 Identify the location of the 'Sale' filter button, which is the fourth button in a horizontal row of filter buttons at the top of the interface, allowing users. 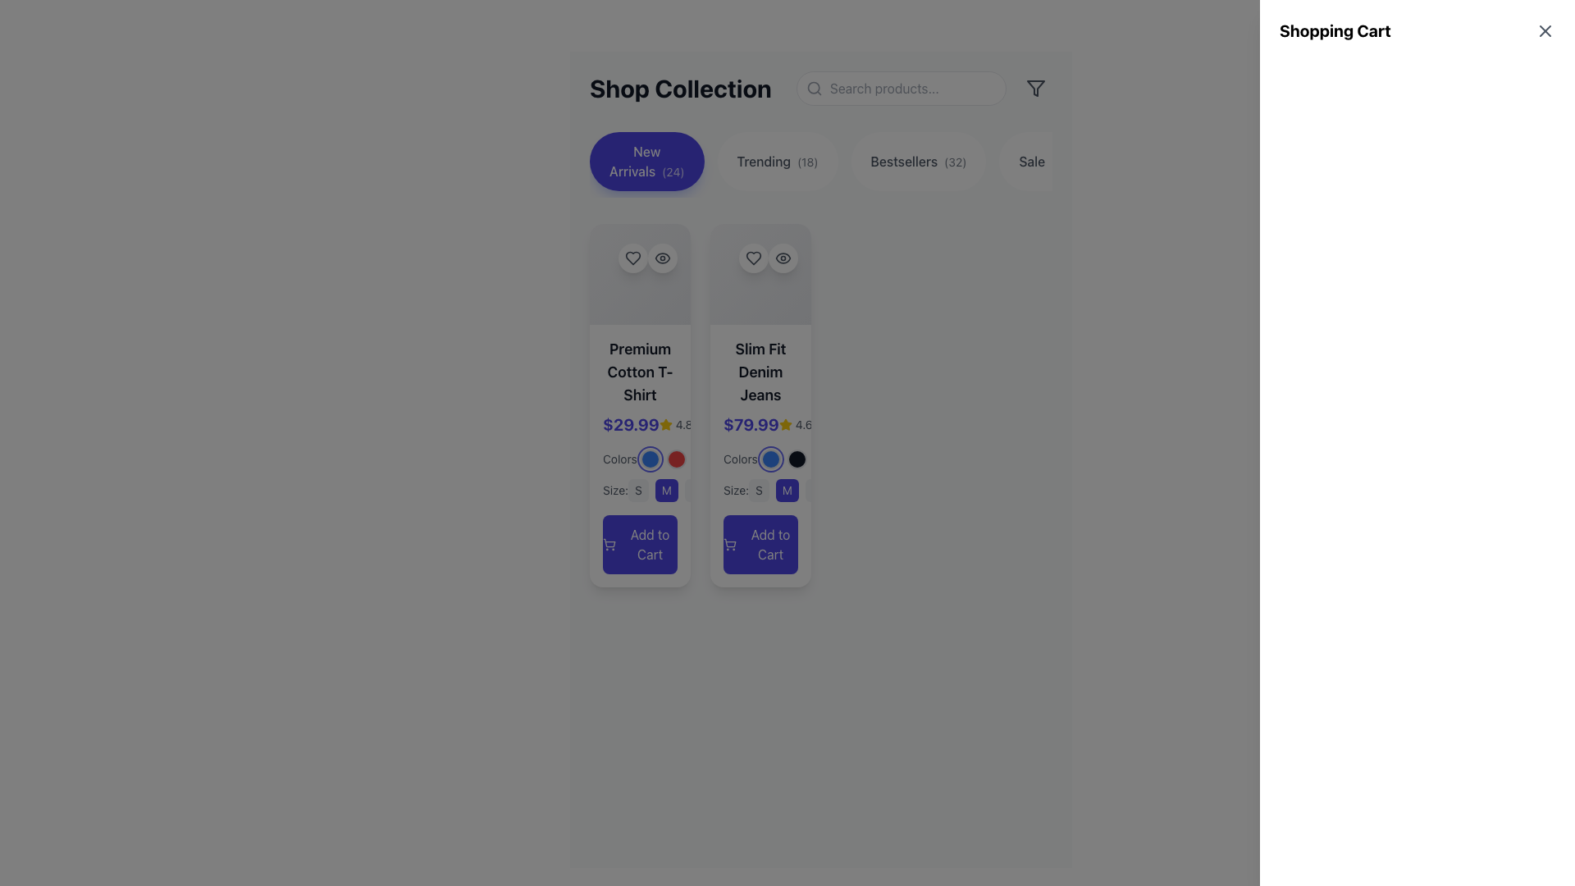
(1044, 161).